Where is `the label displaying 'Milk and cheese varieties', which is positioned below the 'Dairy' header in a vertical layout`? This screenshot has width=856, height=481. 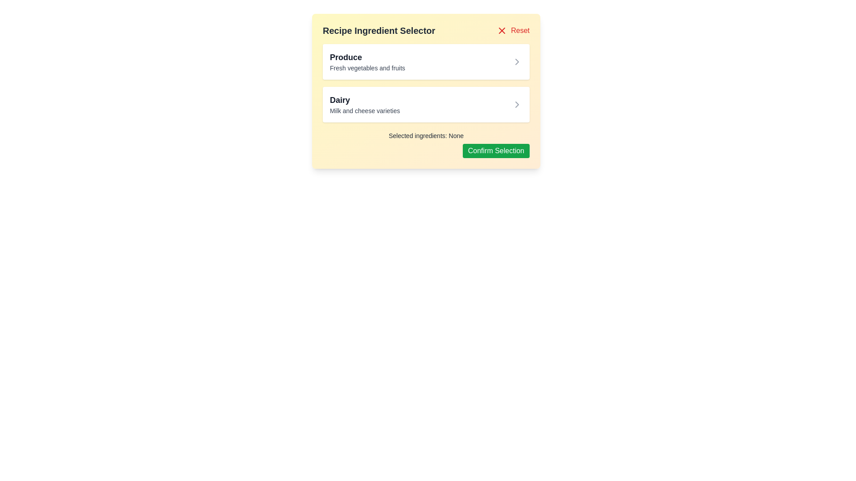 the label displaying 'Milk and cheese varieties', which is positioned below the 'Dairy' header in a vertical layout is located at coordinates (365, 110).